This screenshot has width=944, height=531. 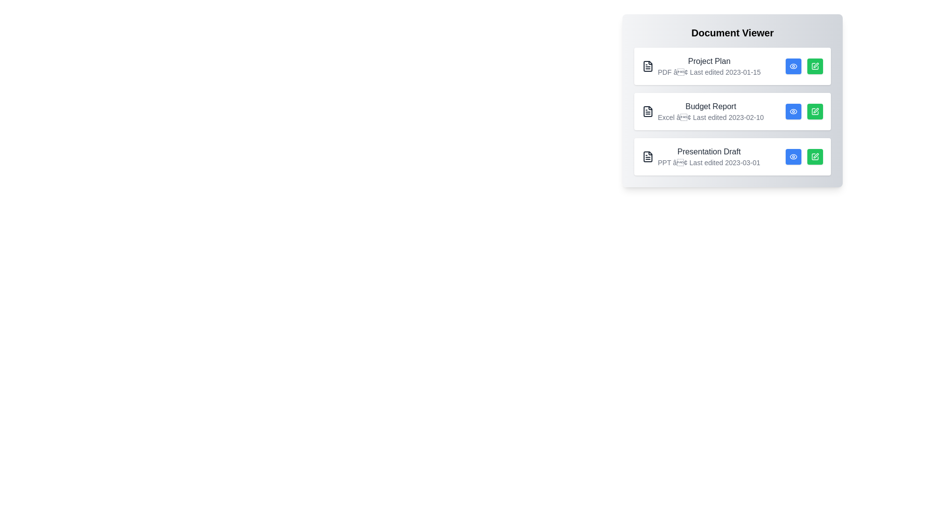 What do you see at coordinates (648, 111) in the screenshot?
I see `the icon corresponding to Budget Report to display its tooltip` at bounding box center [648, 111].